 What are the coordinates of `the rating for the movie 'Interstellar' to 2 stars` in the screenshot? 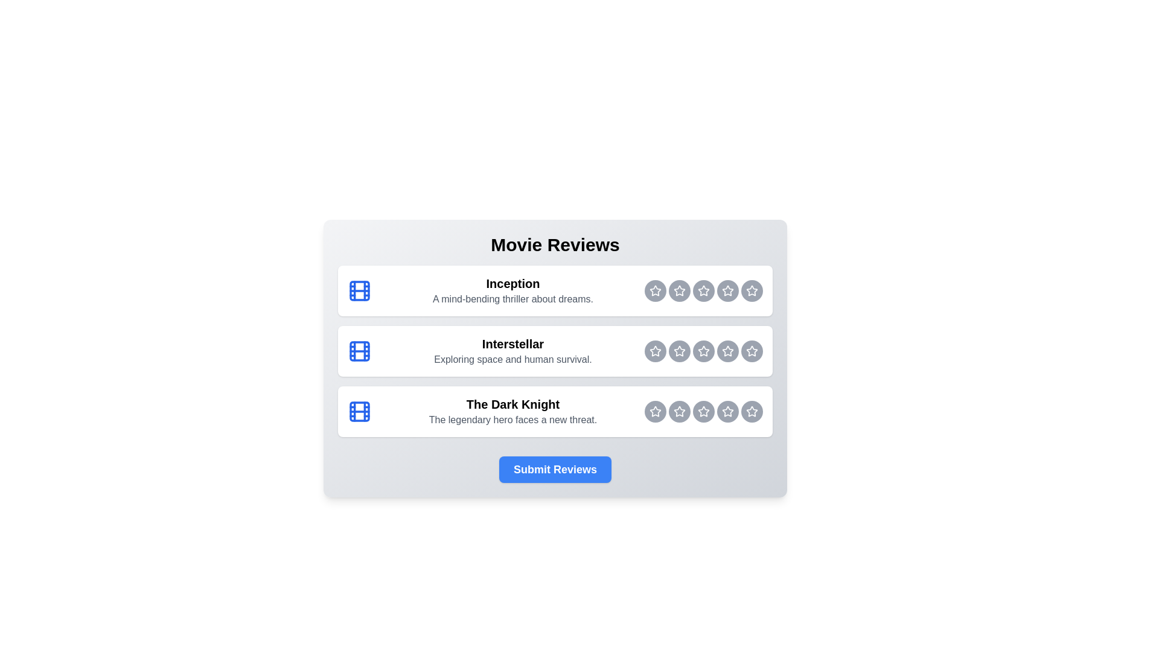 It's located at (654, 351).